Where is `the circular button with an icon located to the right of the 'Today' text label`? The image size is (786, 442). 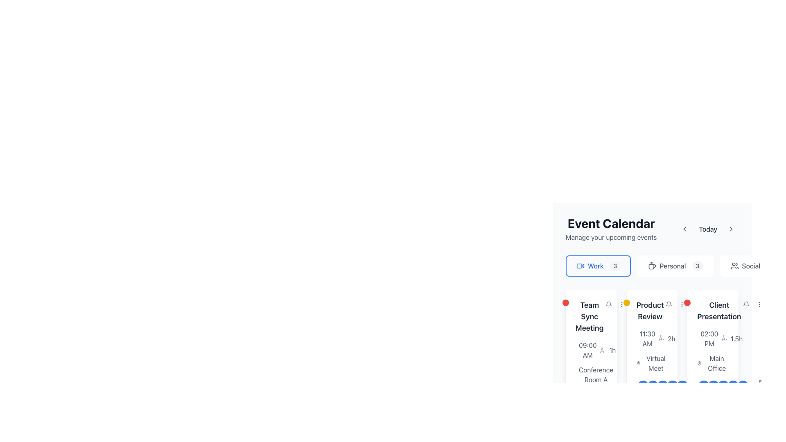
the circular button with an icon located to the right of the 'Today' text label is located at coordinates (731, 229).